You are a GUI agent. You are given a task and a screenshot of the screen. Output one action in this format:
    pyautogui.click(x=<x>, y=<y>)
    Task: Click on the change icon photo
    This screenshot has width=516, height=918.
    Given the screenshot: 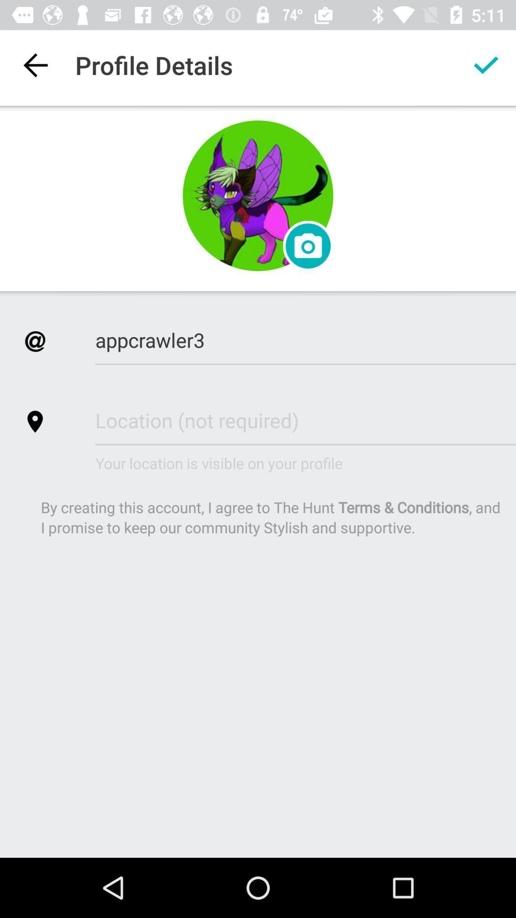 What is the action you would take?
    pyautogui.click(x=258, y=195)
    